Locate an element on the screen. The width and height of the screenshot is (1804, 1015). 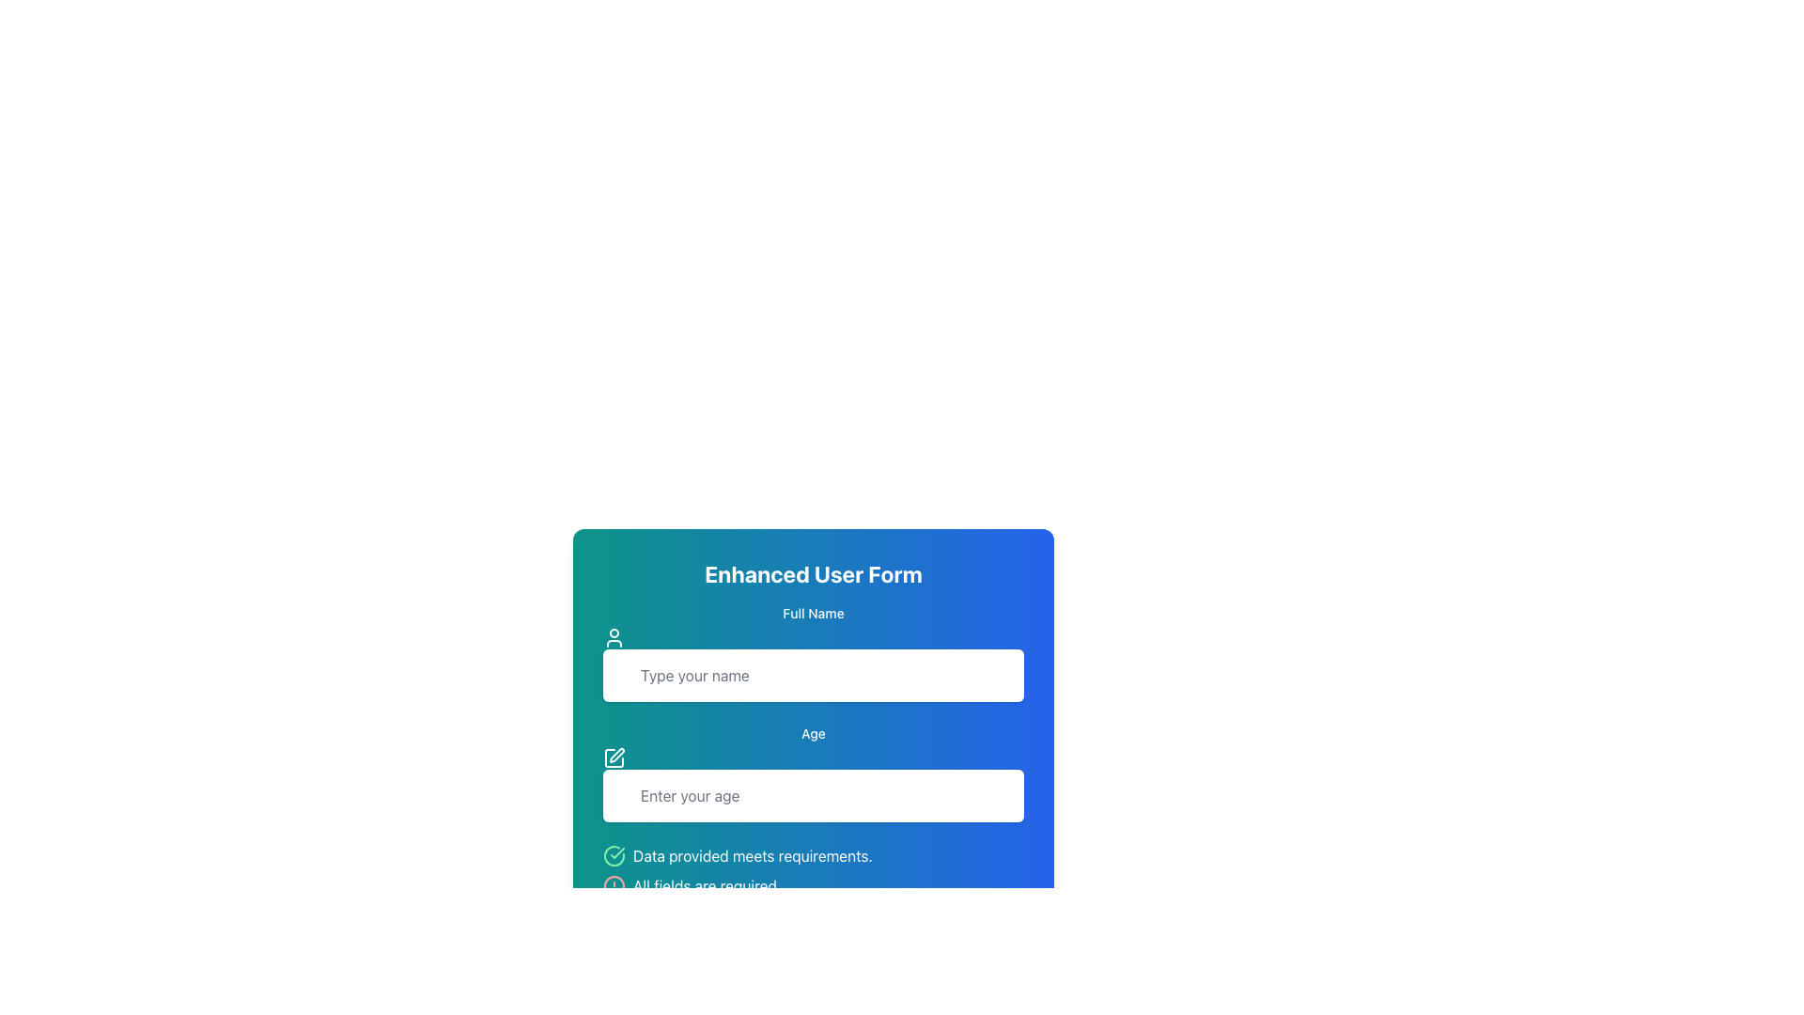
the graphical icon indicating the 'Age' field, which is positioned above the input field and adjacent to the left-hand side of the entry box is located at coordinates (617, 754).